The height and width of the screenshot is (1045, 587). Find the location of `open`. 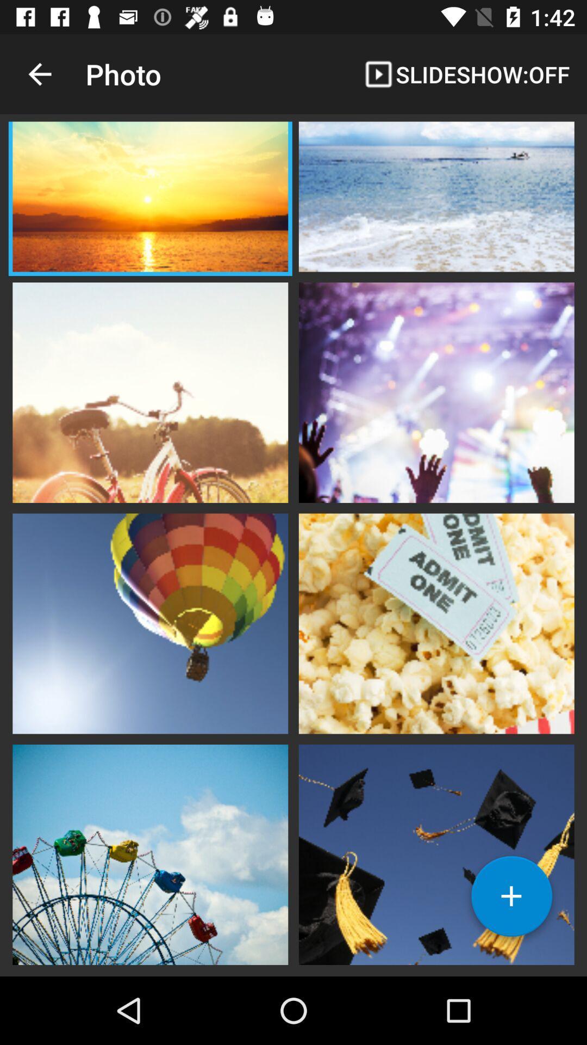

open is located at coordinates (436, 853).